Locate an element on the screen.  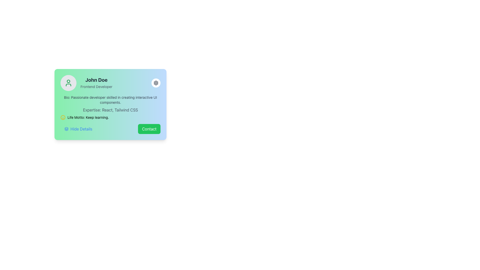
the text label displaying 'Frontend Developer' which is located below 'John Doe' in the profile card is located at coordinates (96, 86).